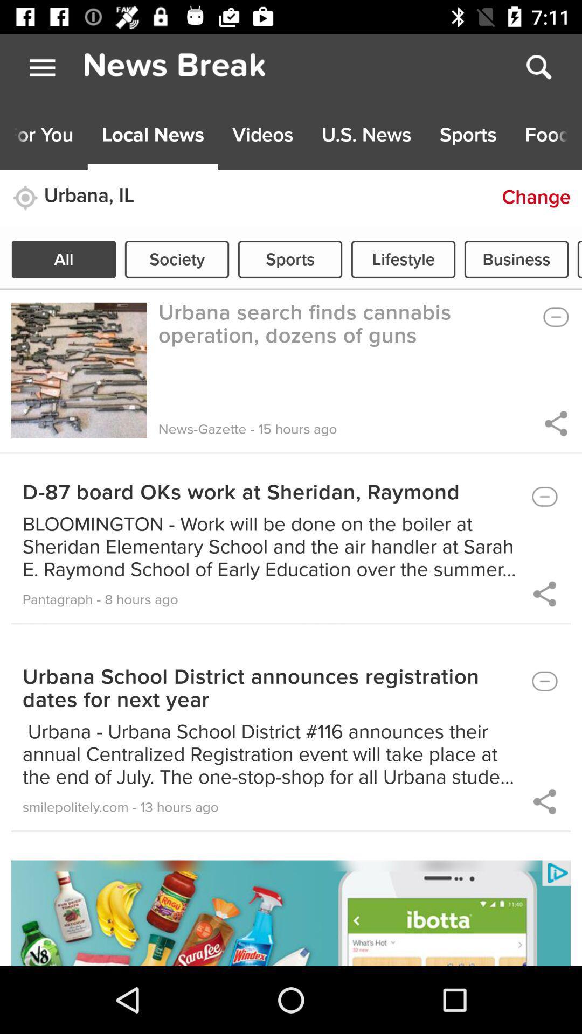 This screenshot has width=582, height=1034. What do you see at coordinates (153, 135) in the screenshot?
I see `the section button which is left to videos` at bounding box center [153, 135].